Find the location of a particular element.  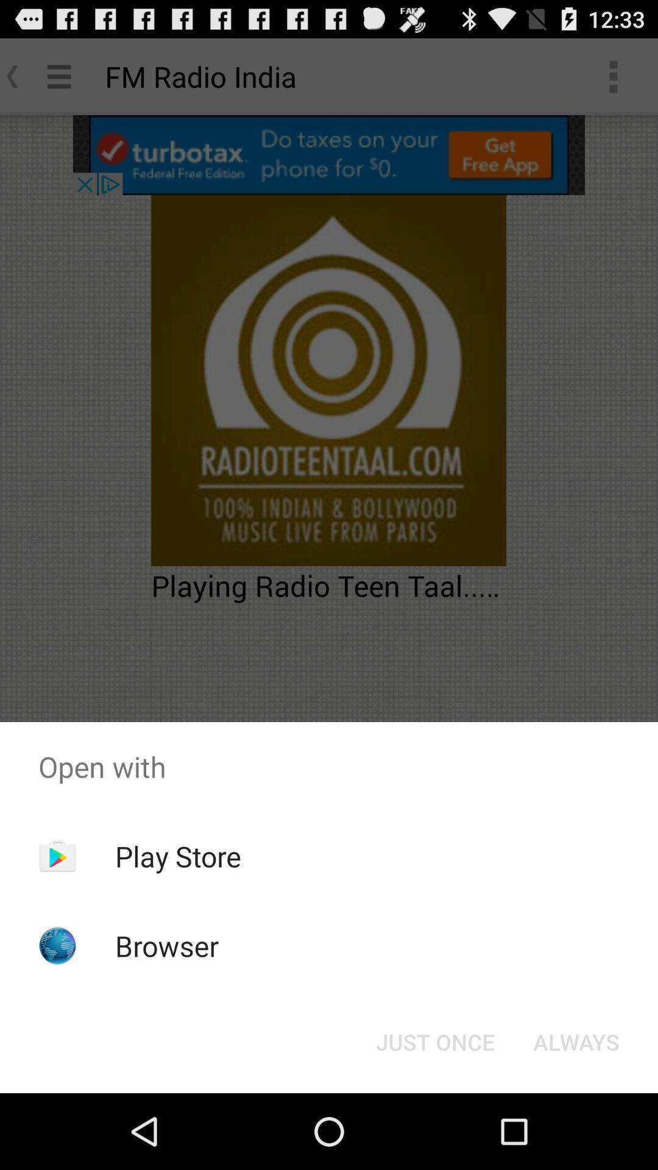

always item is located at coordinates (576, 1041).